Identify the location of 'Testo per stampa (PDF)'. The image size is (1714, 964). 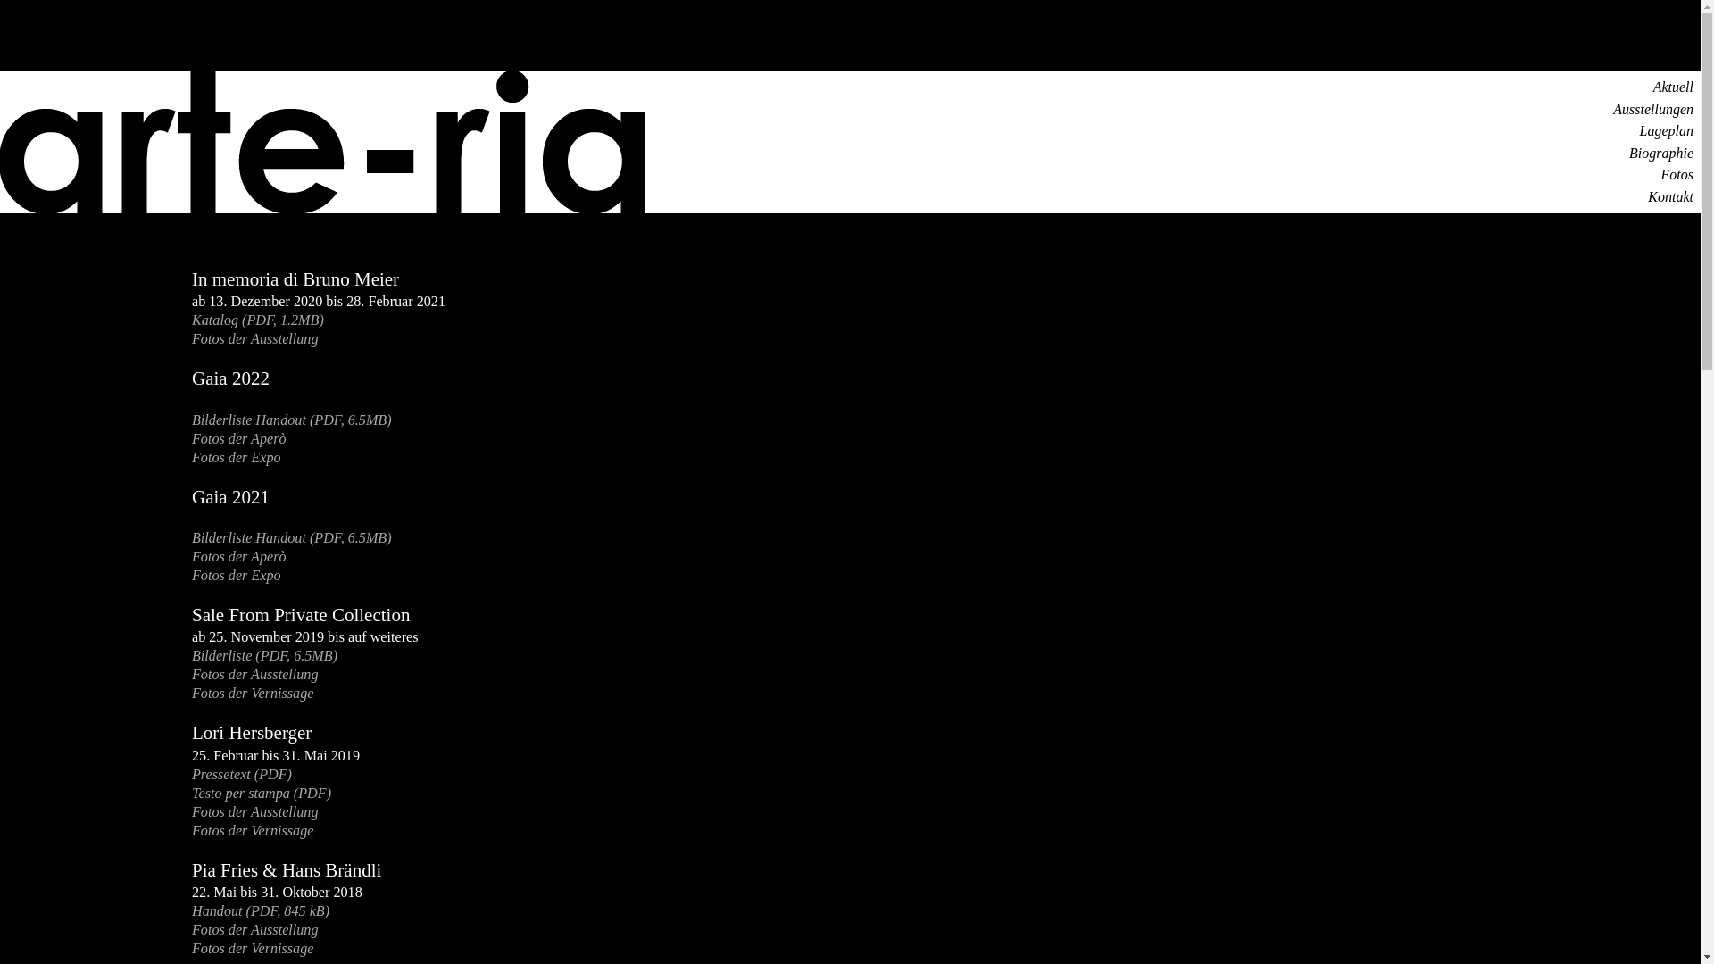
(260, 792).